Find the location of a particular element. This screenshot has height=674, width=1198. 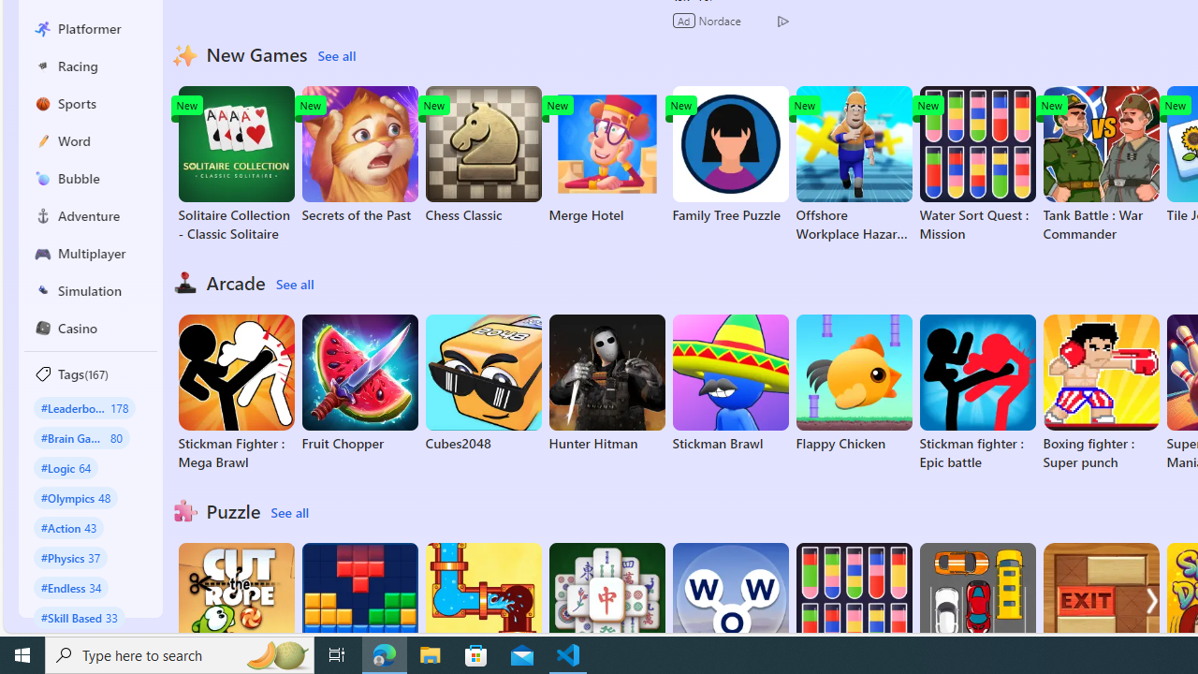

'Tank Battle : War Commander' is located at coordinates (1101, 164).